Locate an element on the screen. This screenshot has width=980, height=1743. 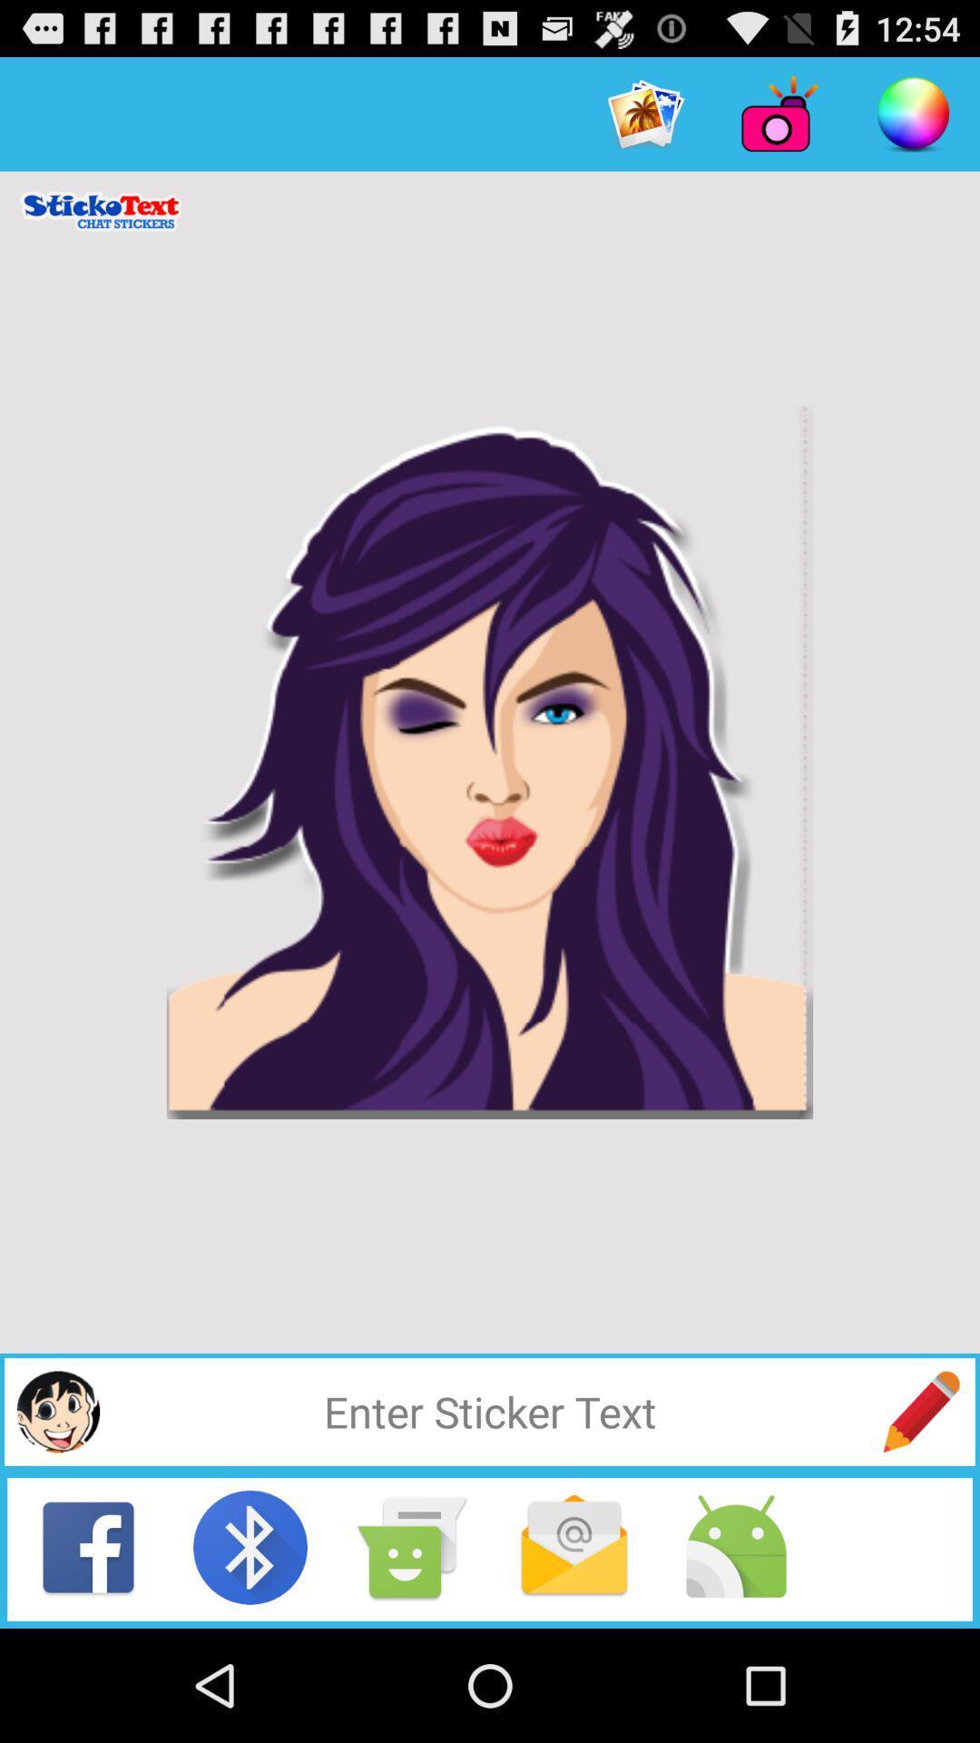
emojis is located at coordinates (57, 1411).